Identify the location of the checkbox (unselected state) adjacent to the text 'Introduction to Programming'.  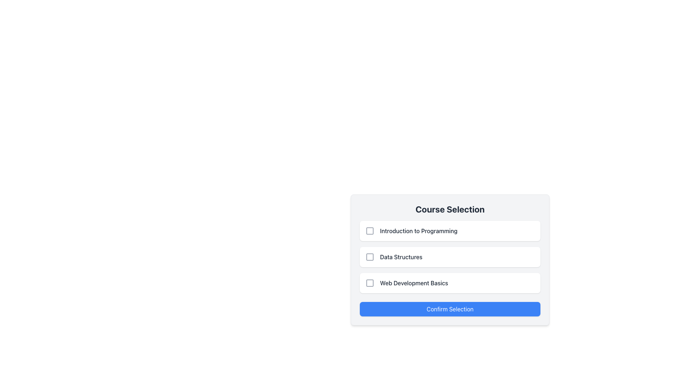
(370, 231).